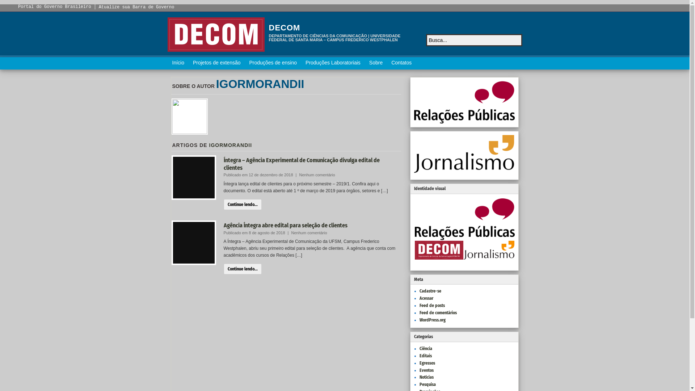 This screenshot has height=391, width=695. What do you see at coordinates (401, 63) in the screenshot?
I see `'Contatos'` at bounding box center [401, 63].